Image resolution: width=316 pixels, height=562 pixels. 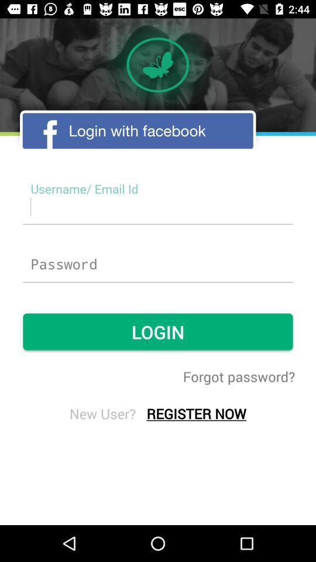 What do you see at coordinates (158, 207) in the screenshot?
I see `input user name and or email id` at bounding box center [158, 207].